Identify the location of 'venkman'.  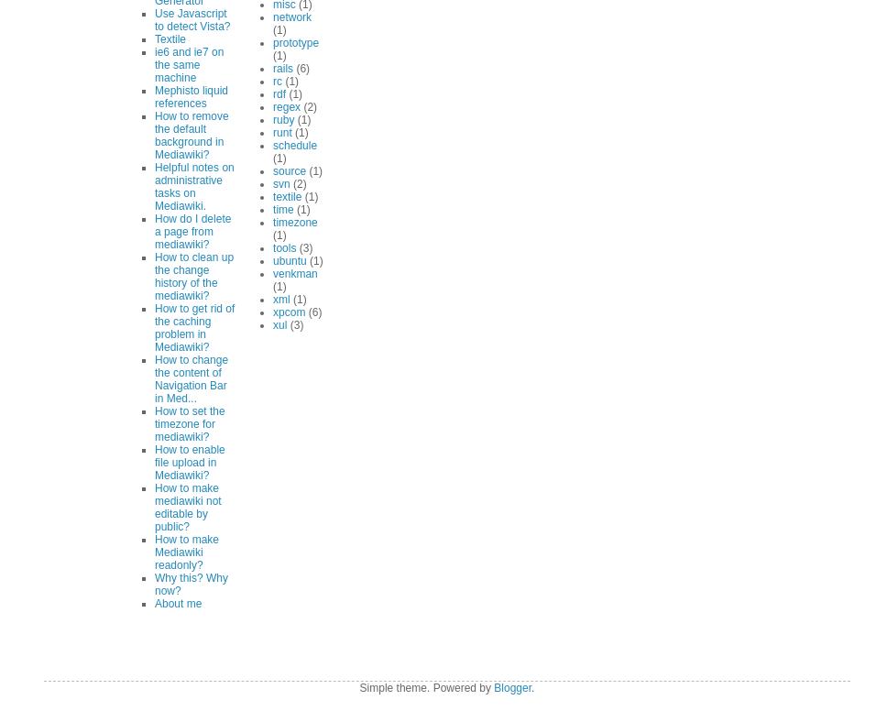
(293, 272).